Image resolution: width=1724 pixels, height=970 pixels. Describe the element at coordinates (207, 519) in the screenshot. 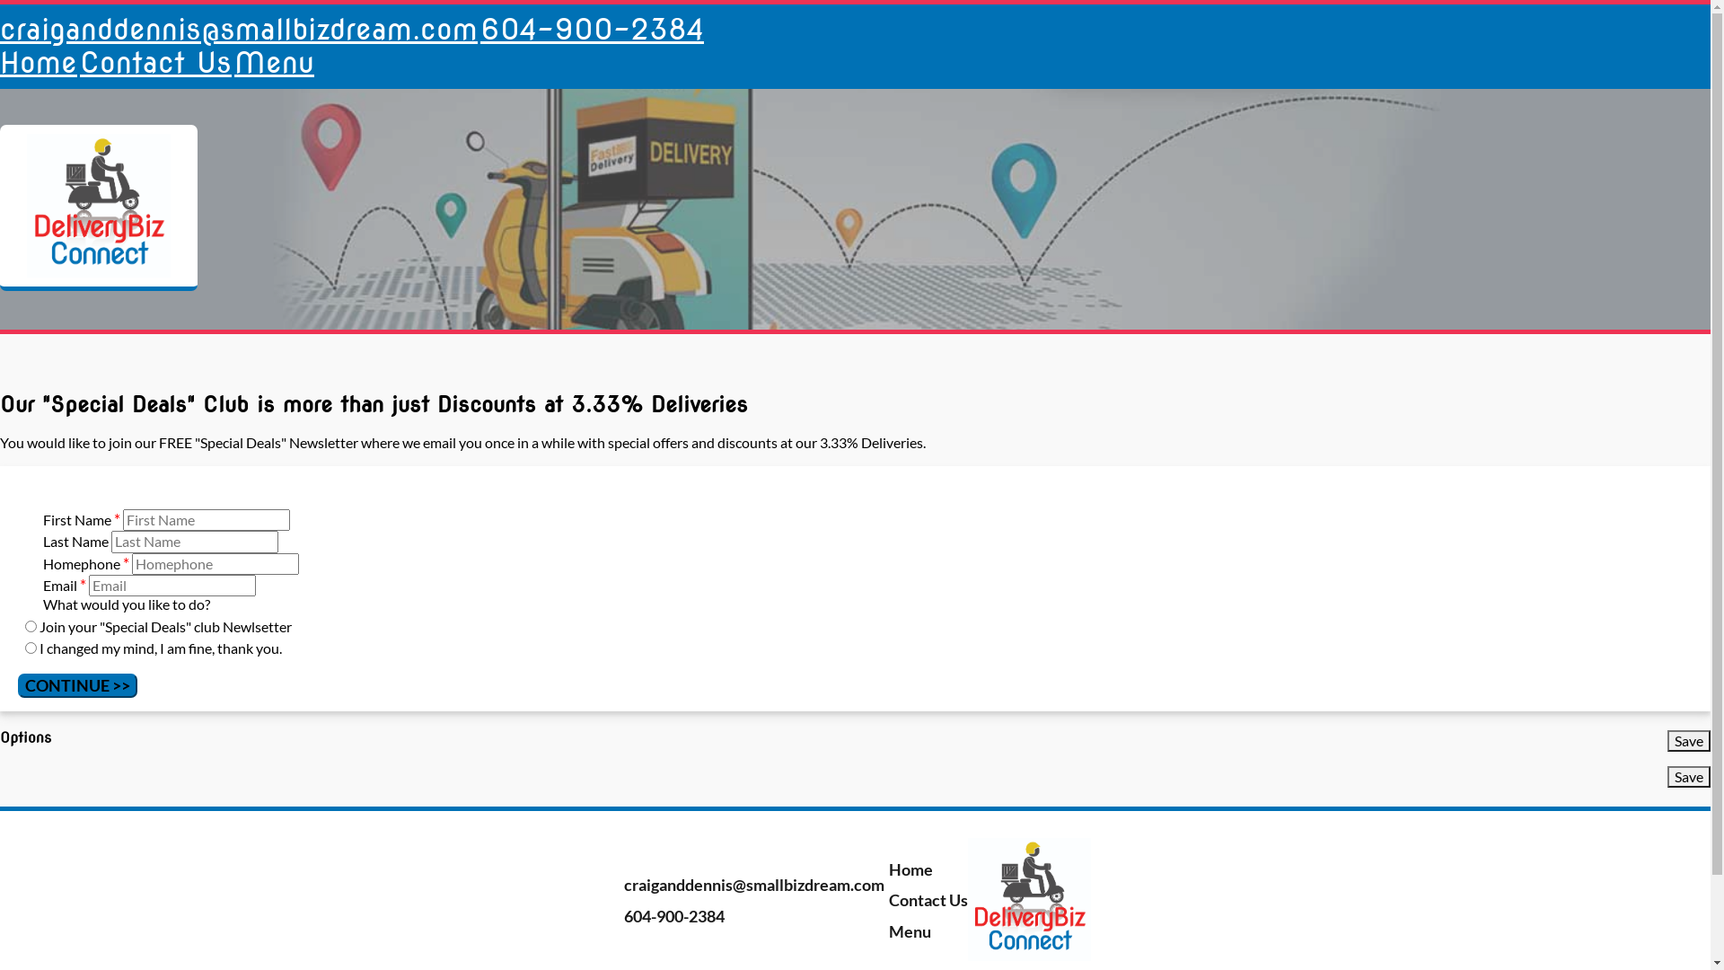

I see `'This field cannot be blank.'` at that location.